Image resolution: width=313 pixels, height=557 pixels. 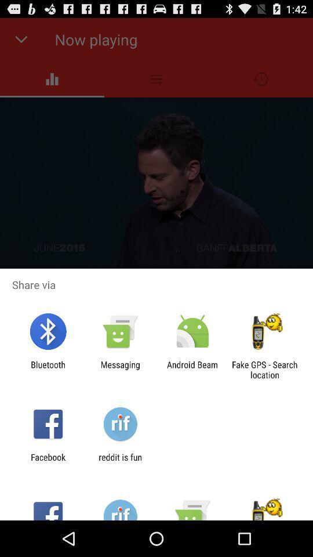 I want to click on the item next to the android beam icon, so click(x=119, y=369).